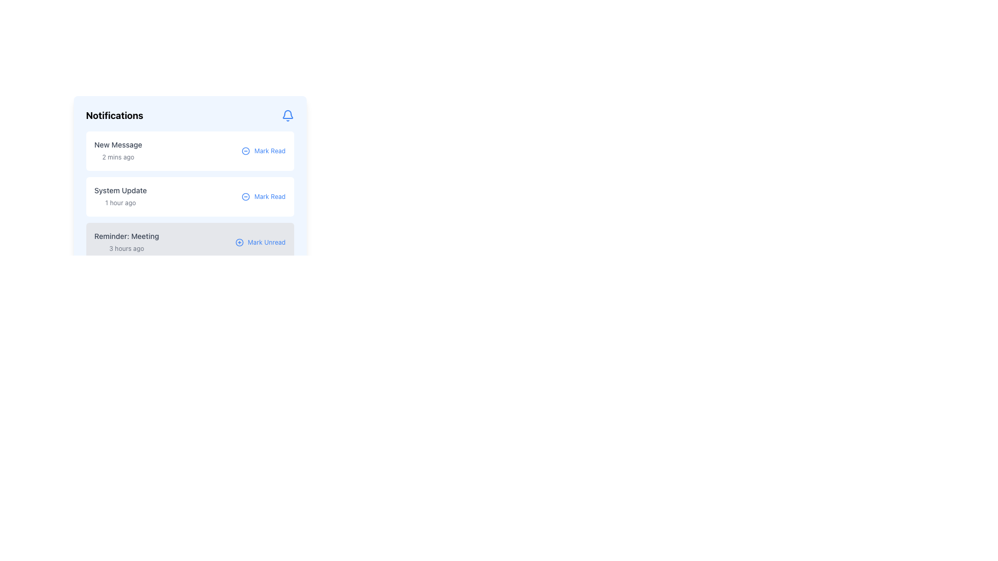 The height and width of the screenshot is (561, 998). What do you see at coordinates (121, 190) in the screenshot?
I see `the text label that serves as the title for the notification entry, located in the middle section of the list, above 'Reminder: Meeting'` at bounding box center [121, 190].